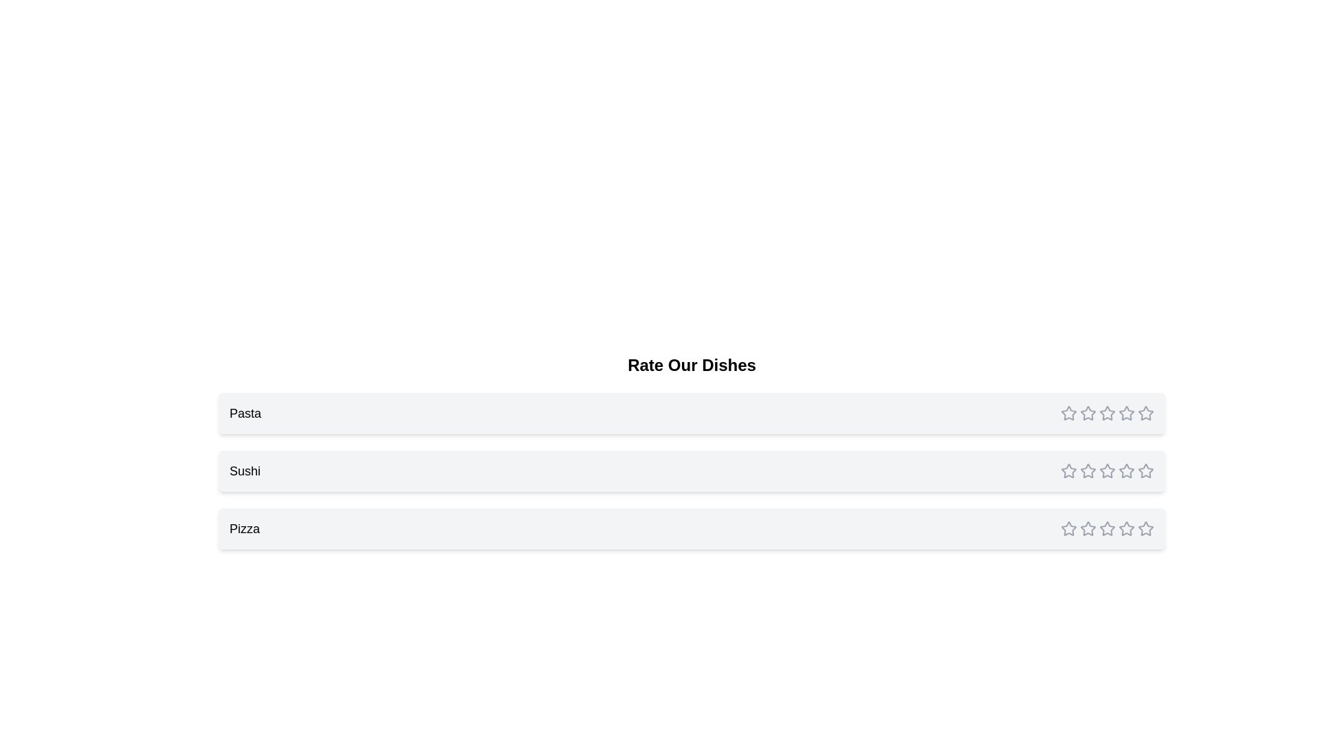 The height and width of the screenshot is (742, 1320). I want to click on the second star, so click(1108, 528).